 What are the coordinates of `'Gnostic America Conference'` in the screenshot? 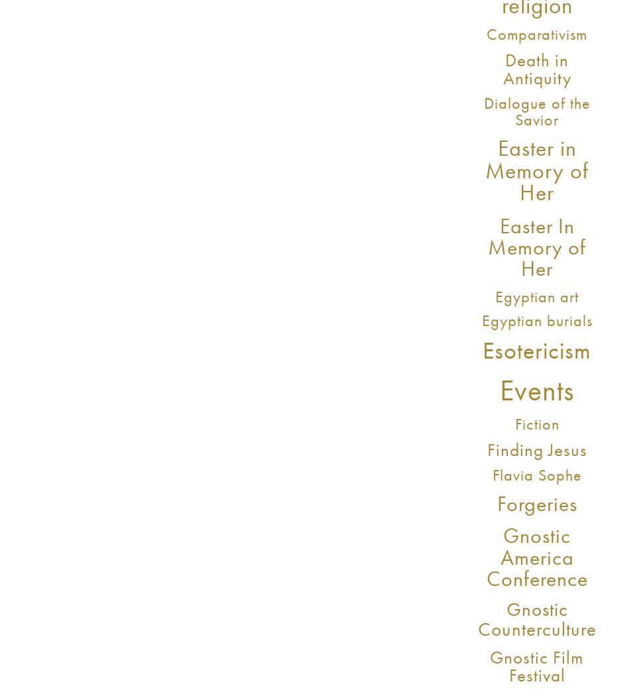 It's located at (536, 557).